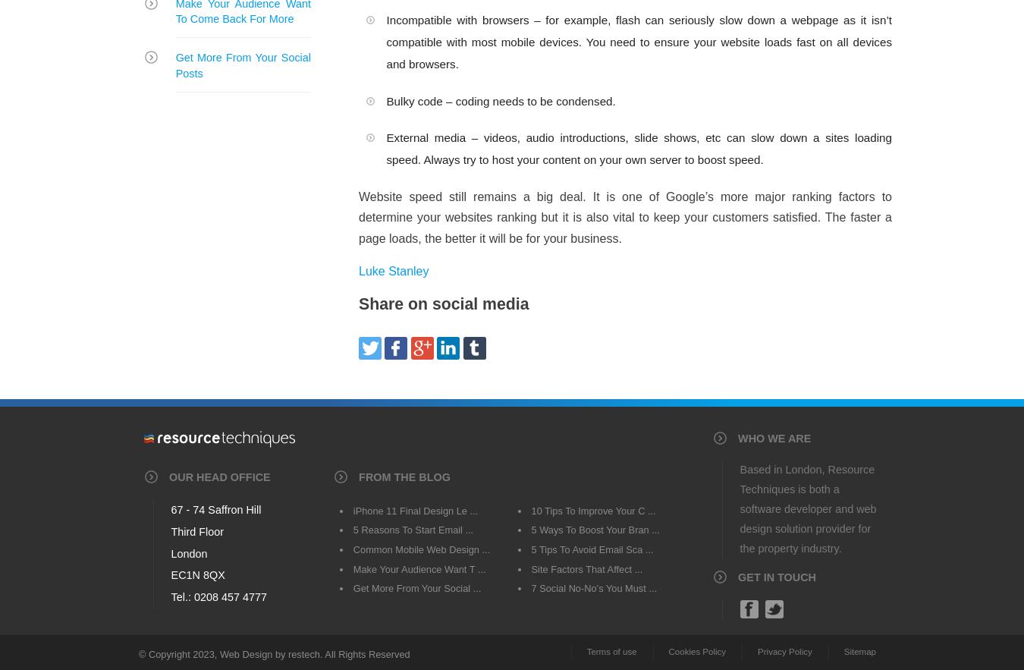 The image size is (1024, 670). I want to click on 'External media – videos, audio introductions, slide shows, etc can slow down a sites loading speed. Always try to host your content on your own server to boost speed.', so click(639, 148).